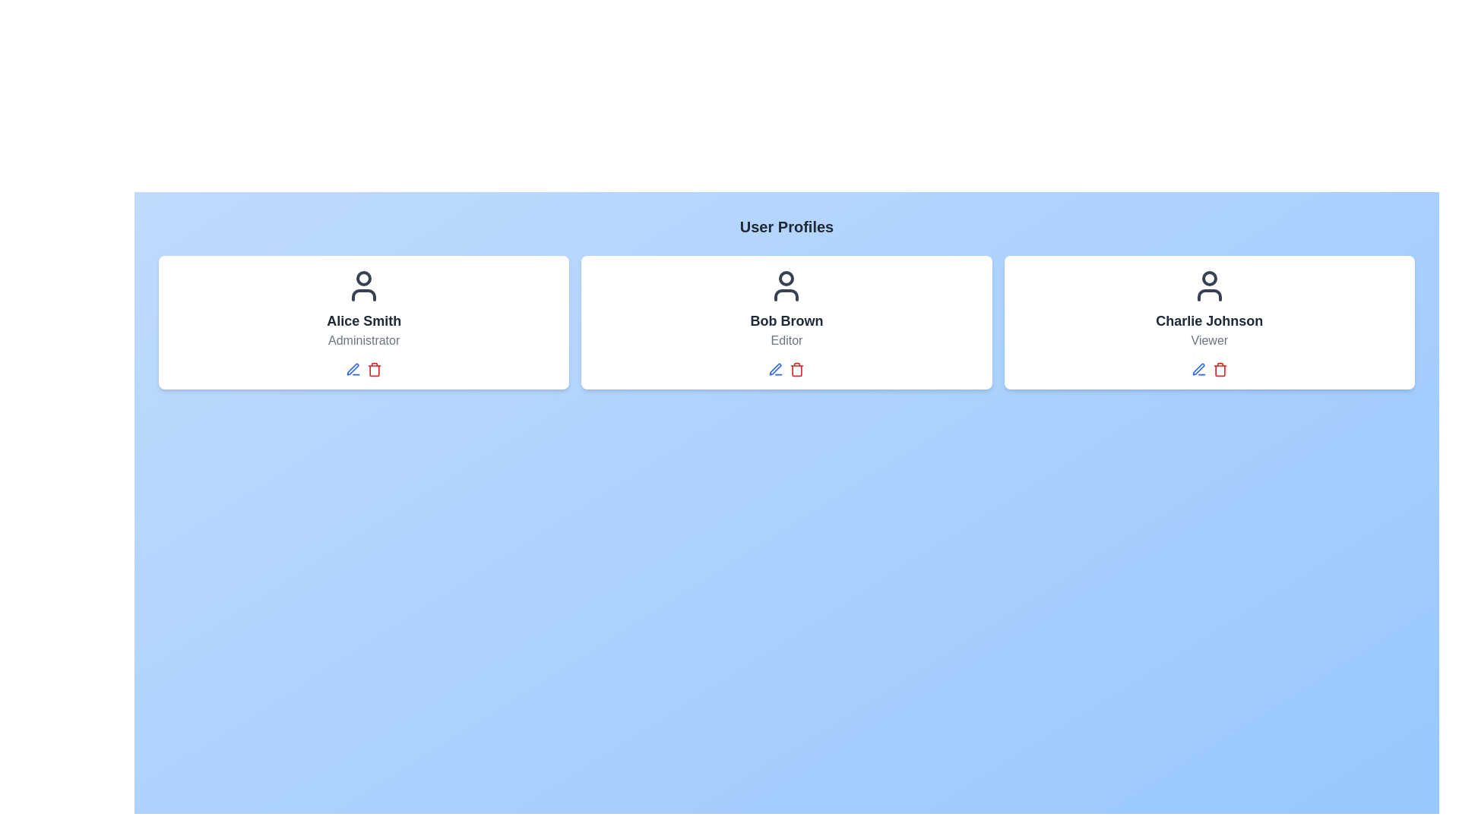 Image resolution: width=1459 pixels, height=820 pixels. What do you see at coordinates (776, 369) in the screenshot?
I see `the blue pen icon located below the name 'Bob Brown - Editor' in the central card of the user profile section` at bounding box center [776, 369].